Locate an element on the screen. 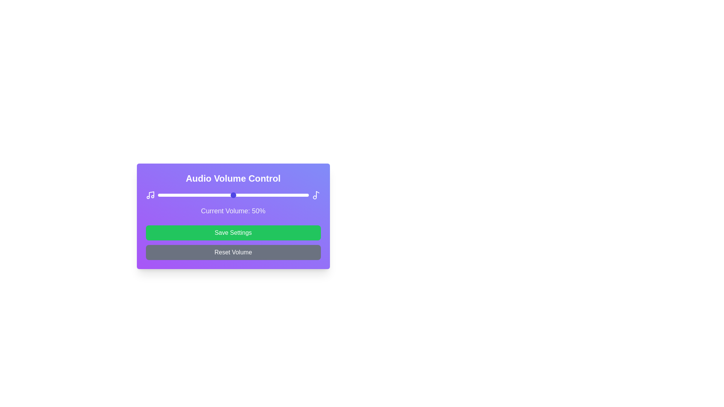 This screenshot has height=407, width=724. the 'Save Settings' button is located at coordinates (233, 232).